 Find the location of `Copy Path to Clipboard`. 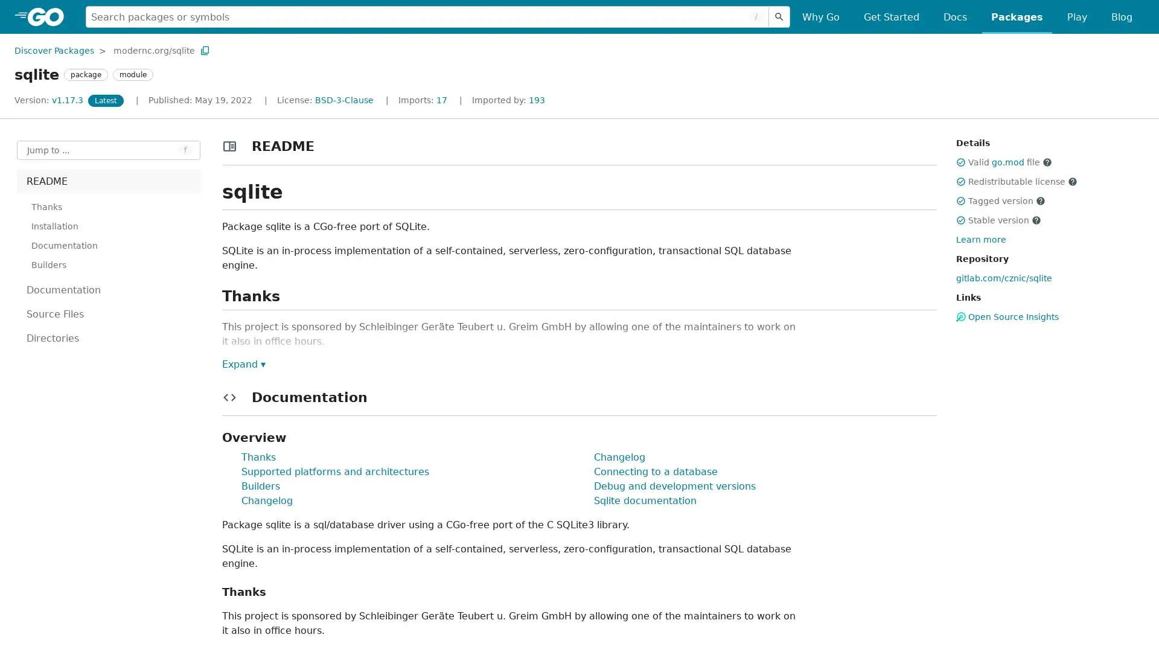

Copy Path to Clipboard is located at coordinates (205, 50).